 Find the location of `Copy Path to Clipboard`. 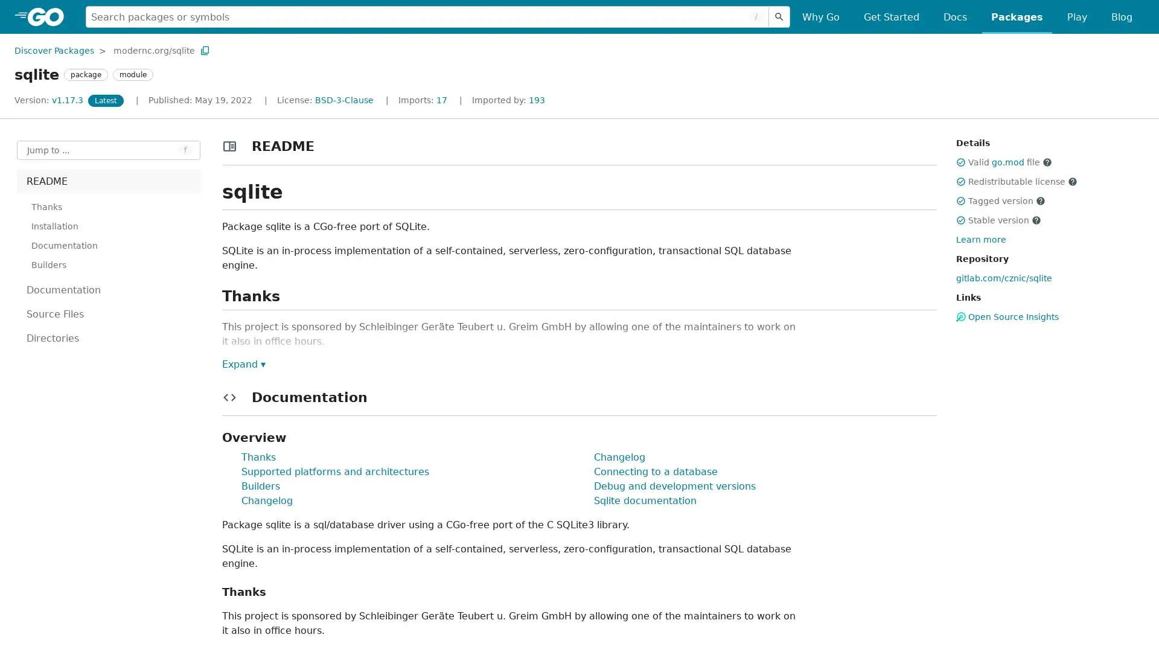

Copy Path to Clipboard is located at coordinates (205, 50).